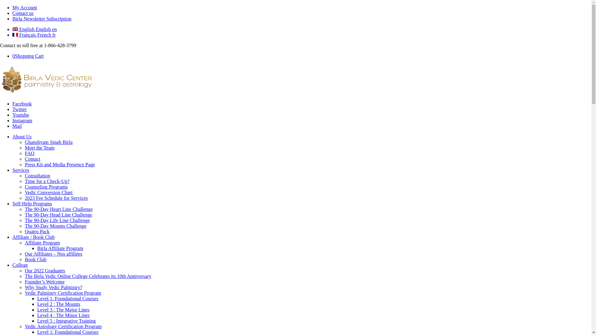  Describe the element at coordinates (32, 203) in the screenshot. I see `'Self-Help Programs'` at that location.